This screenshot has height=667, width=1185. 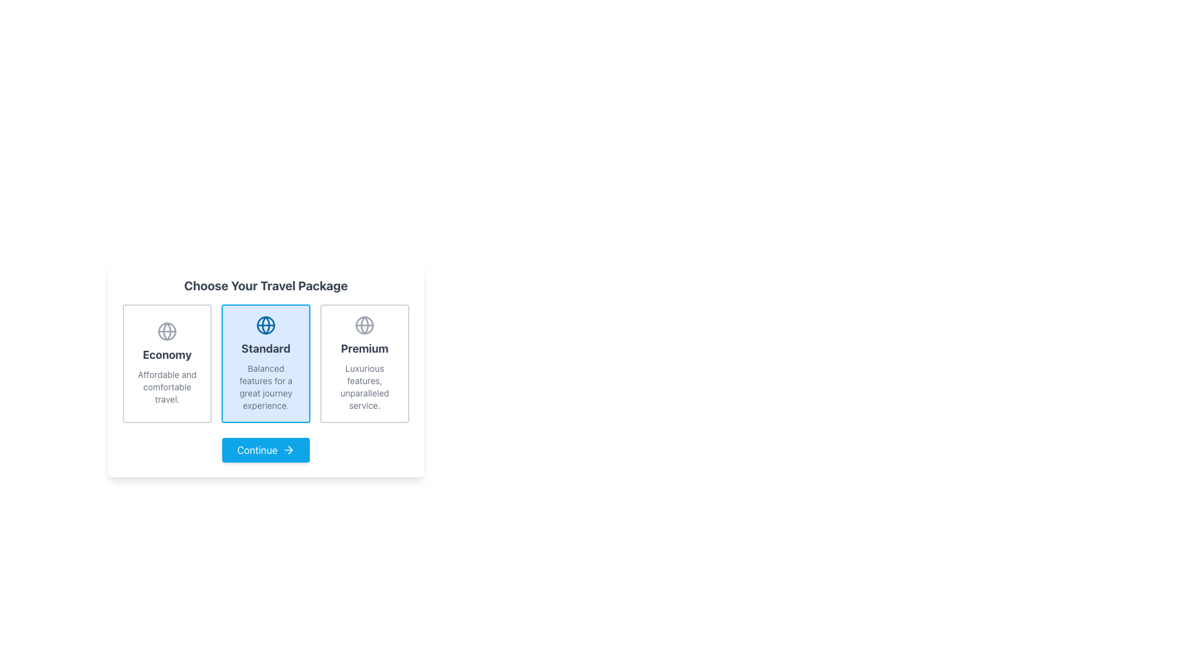 I want to click on the decorative globe icon part of the 'Economy' travel package card, which is the leftmost card in a horizontal layout, so click(x=166, y=330).